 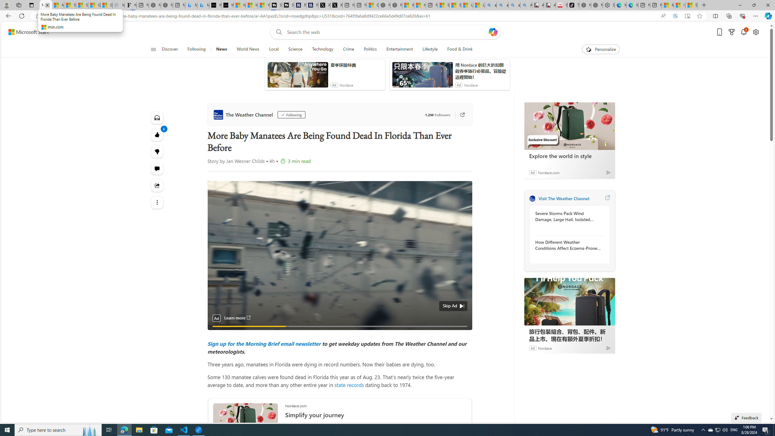 What do you see at coordinates (675, 16) in the screenshot?
I see `'Enhance video'` at bounding box center [675, 16].